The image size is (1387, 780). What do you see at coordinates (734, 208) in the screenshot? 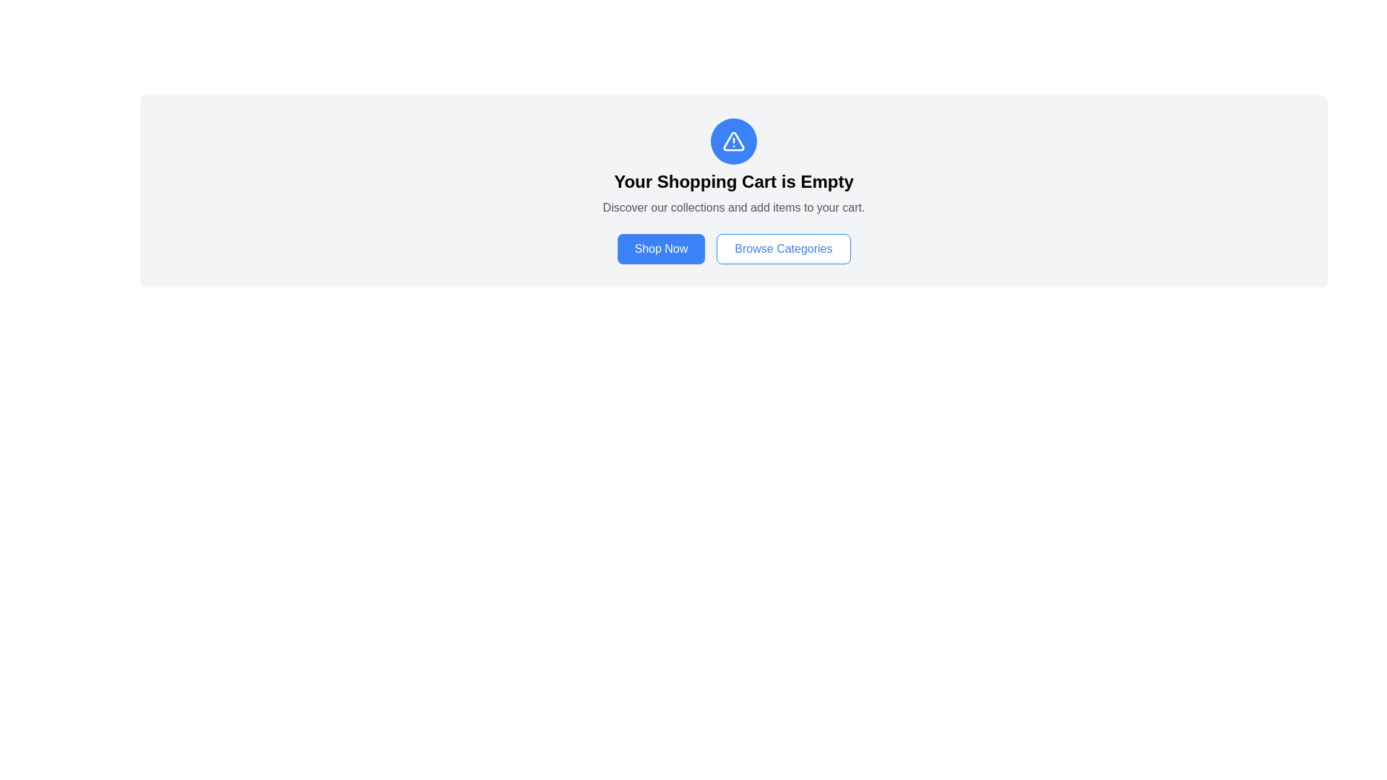
I see `the static text that reads 'Discover our collections and add items to your cart.', which is positioned beneath the title 'Your Shopping Cart is Empty'` at bounding box center [734, 208].